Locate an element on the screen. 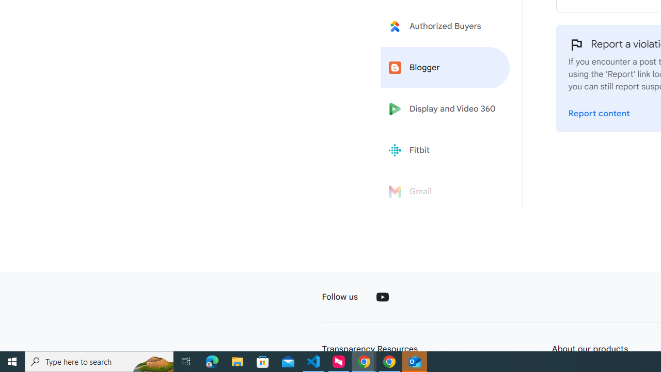 This screenshot has height=372, width=661. 'Blogger' is located at coordinates (445, 68).